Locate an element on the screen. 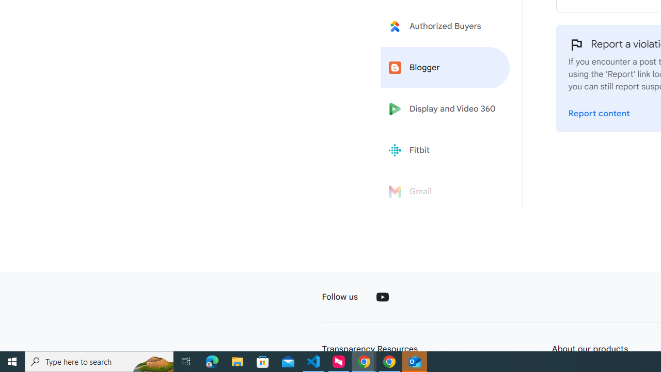 This screenshot has height=372, width=661. 'Blogger' is located at coordinates (445, 68).